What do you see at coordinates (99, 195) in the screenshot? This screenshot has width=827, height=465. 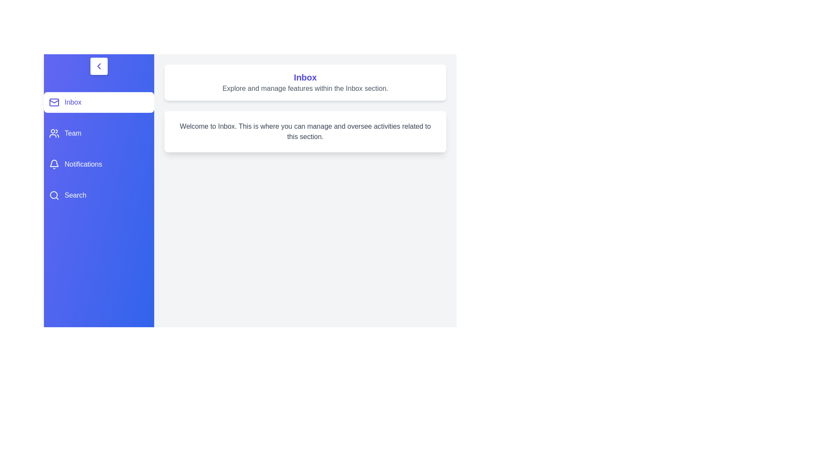 I see `the tab corresponding to Search` at bounding box center [99, 195].